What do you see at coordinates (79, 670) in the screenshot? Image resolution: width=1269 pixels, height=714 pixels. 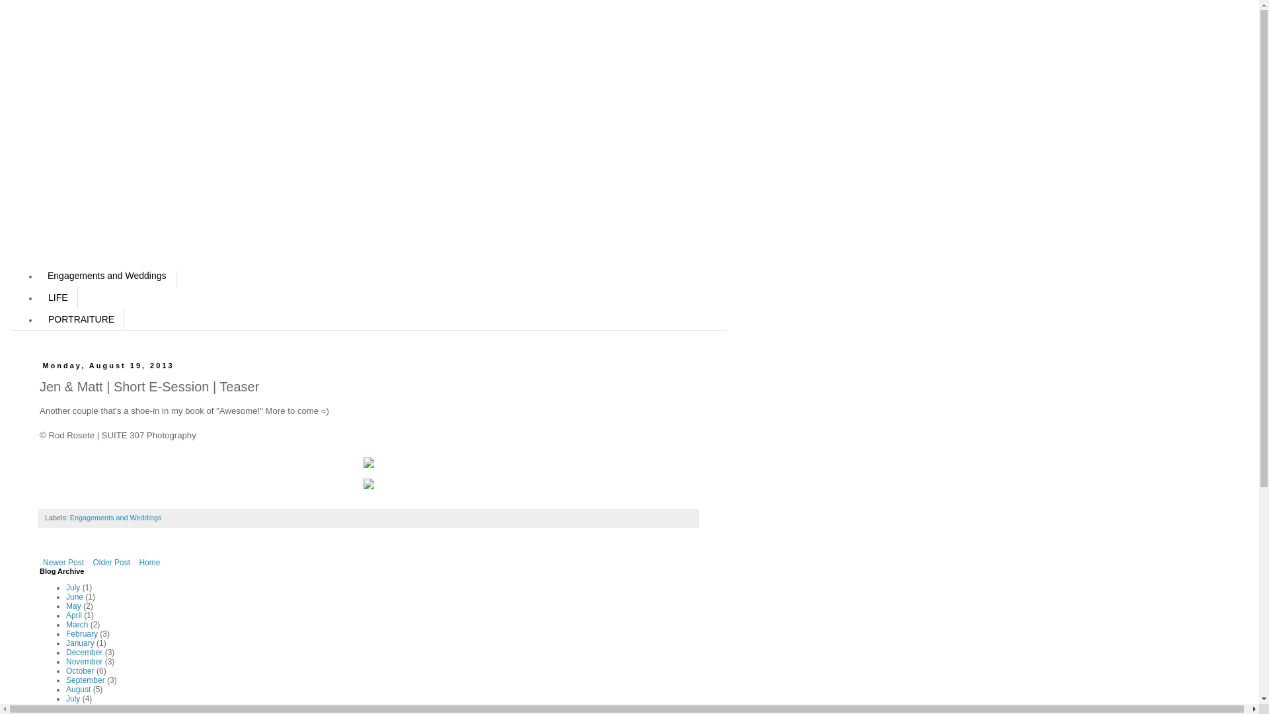 I see `'October'` at bounding box center [79, 670].